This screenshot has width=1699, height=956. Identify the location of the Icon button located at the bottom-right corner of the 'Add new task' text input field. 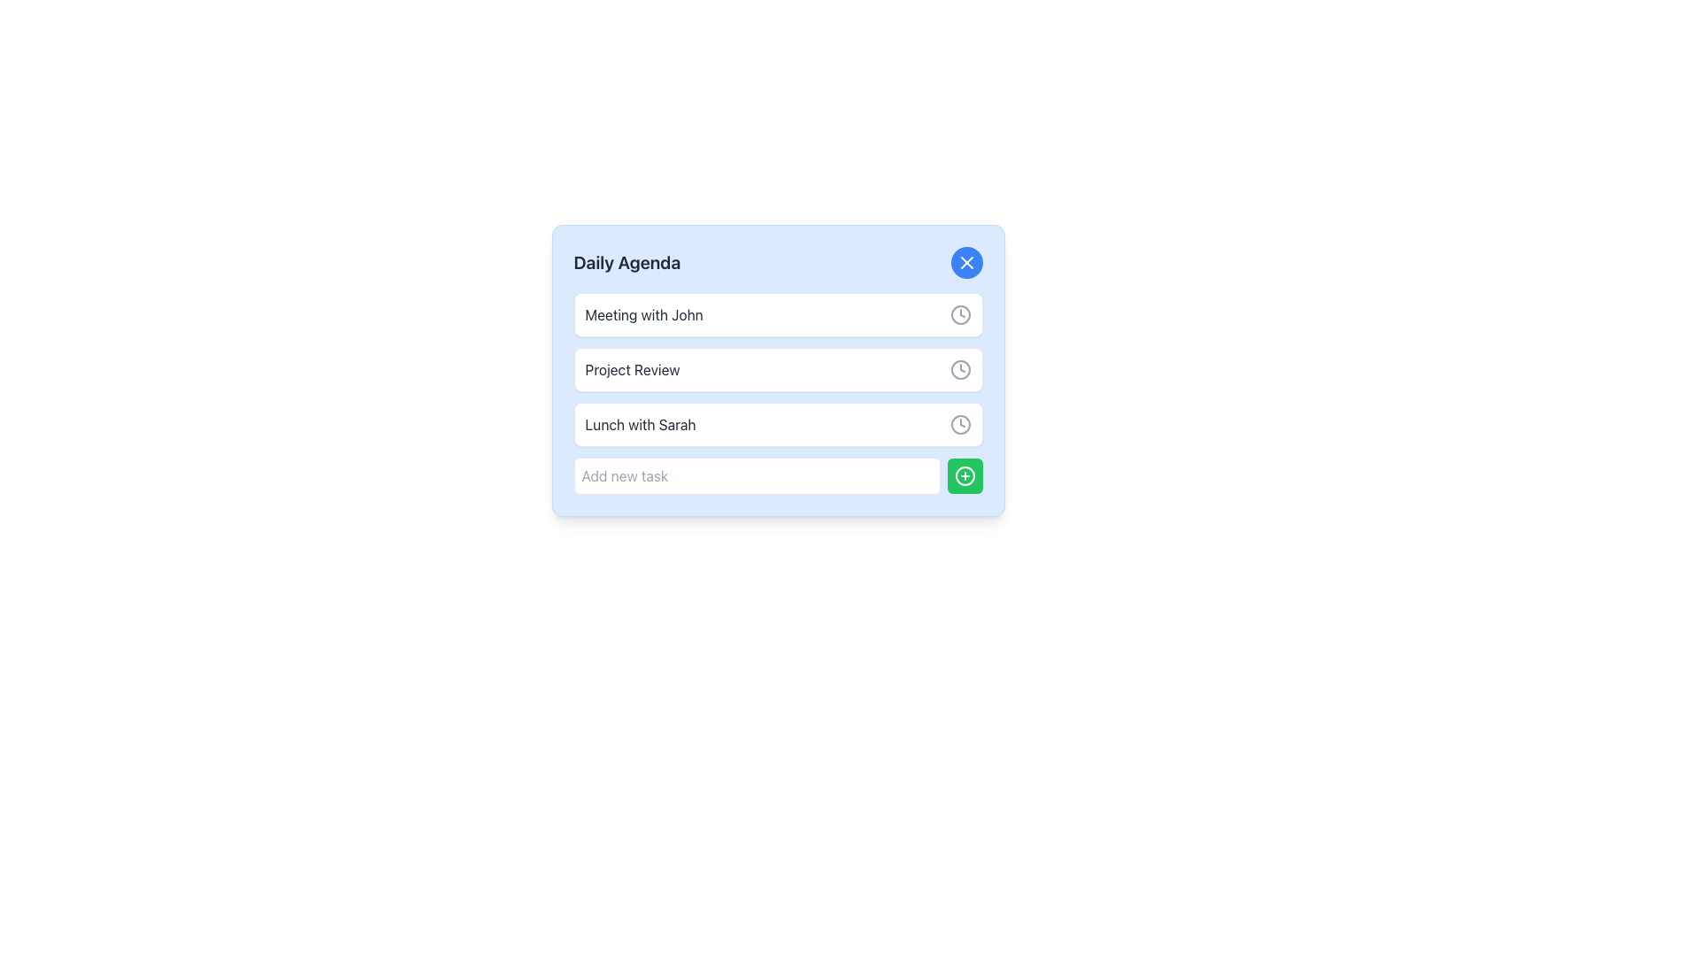
(964, 474).